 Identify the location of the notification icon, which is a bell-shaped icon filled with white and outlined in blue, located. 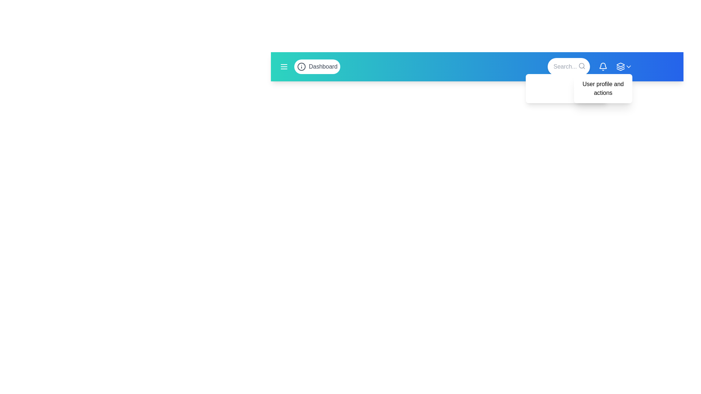
(603, 66).